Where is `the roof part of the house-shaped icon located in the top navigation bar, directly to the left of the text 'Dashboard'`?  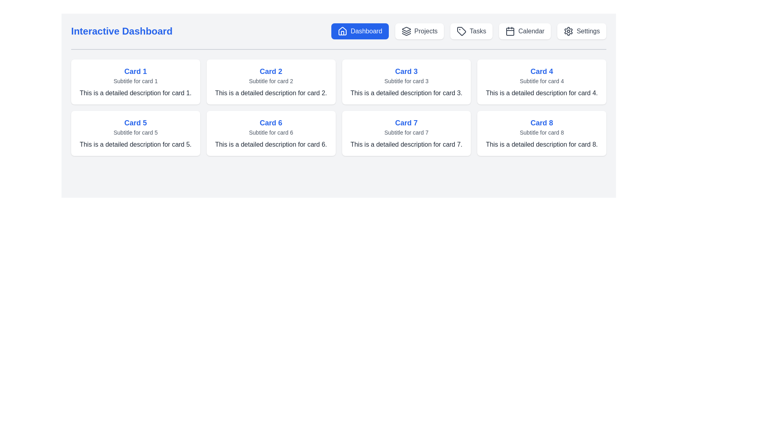
the roof part of the house-shaped icon located in the top navigation bar, directly to the left of the text 'Dashboard' is located at coordinates (343, 31).